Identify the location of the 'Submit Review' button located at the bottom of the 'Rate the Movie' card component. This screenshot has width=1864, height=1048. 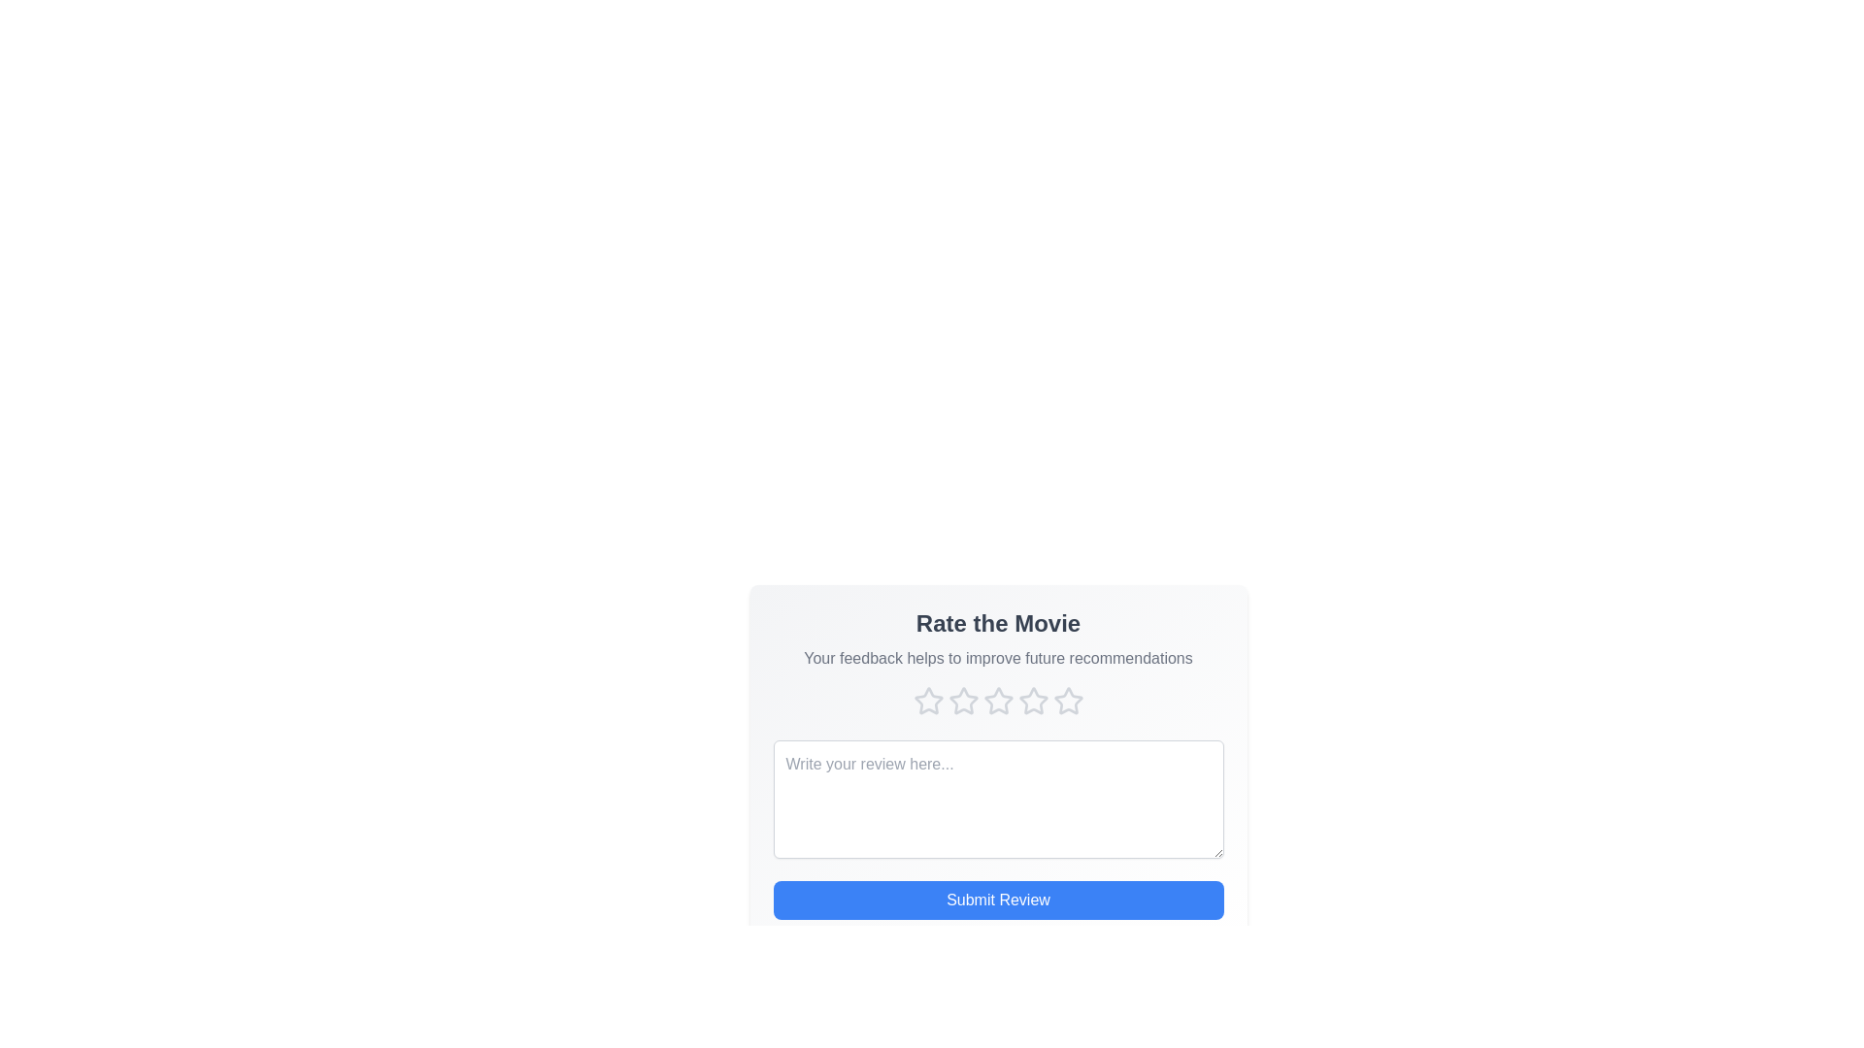
(998, 901).